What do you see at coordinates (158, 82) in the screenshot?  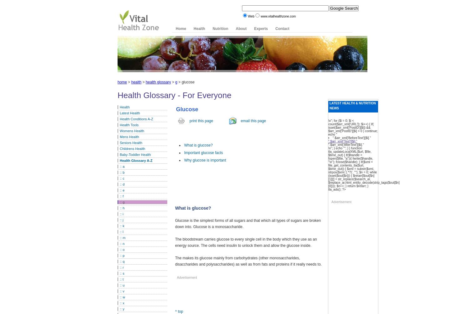 I see `'health glossary'` at bounding box center [158, 82].